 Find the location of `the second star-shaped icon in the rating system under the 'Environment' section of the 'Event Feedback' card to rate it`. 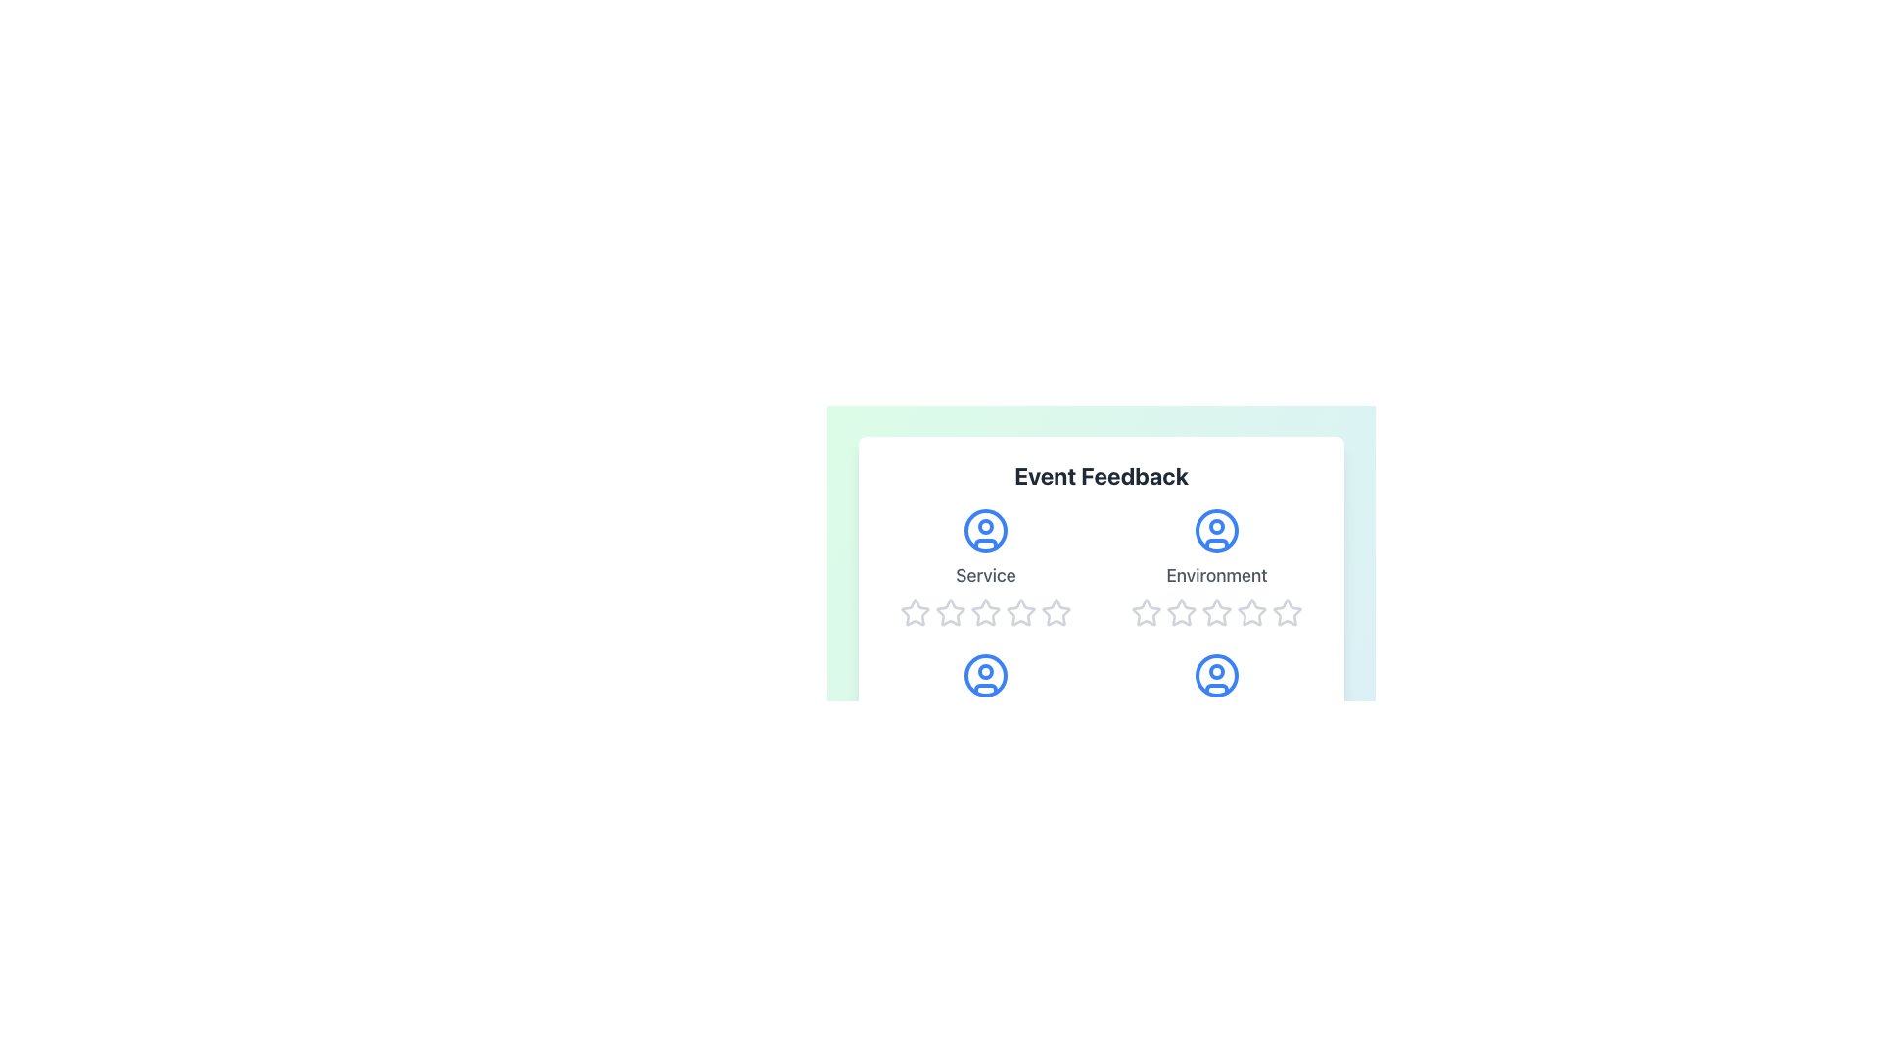

the second star-shaped icon in the rating system under the 'Environment' section of the 'Event Feedback' card to rate it is located at coordinates (1146, 610).